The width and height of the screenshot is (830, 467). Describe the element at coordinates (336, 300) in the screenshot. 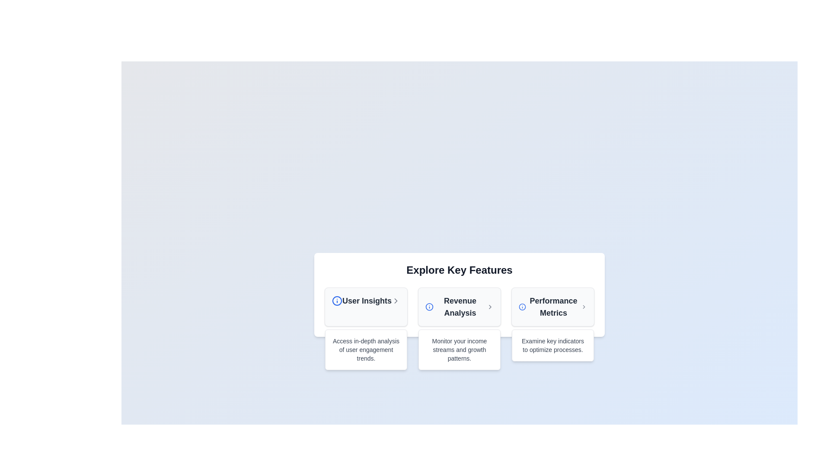

I see `the SVG Circle Element that serves as the background of the 'i' symbol in the information icon preceding the 'Revenue Analysis' section` at that location.